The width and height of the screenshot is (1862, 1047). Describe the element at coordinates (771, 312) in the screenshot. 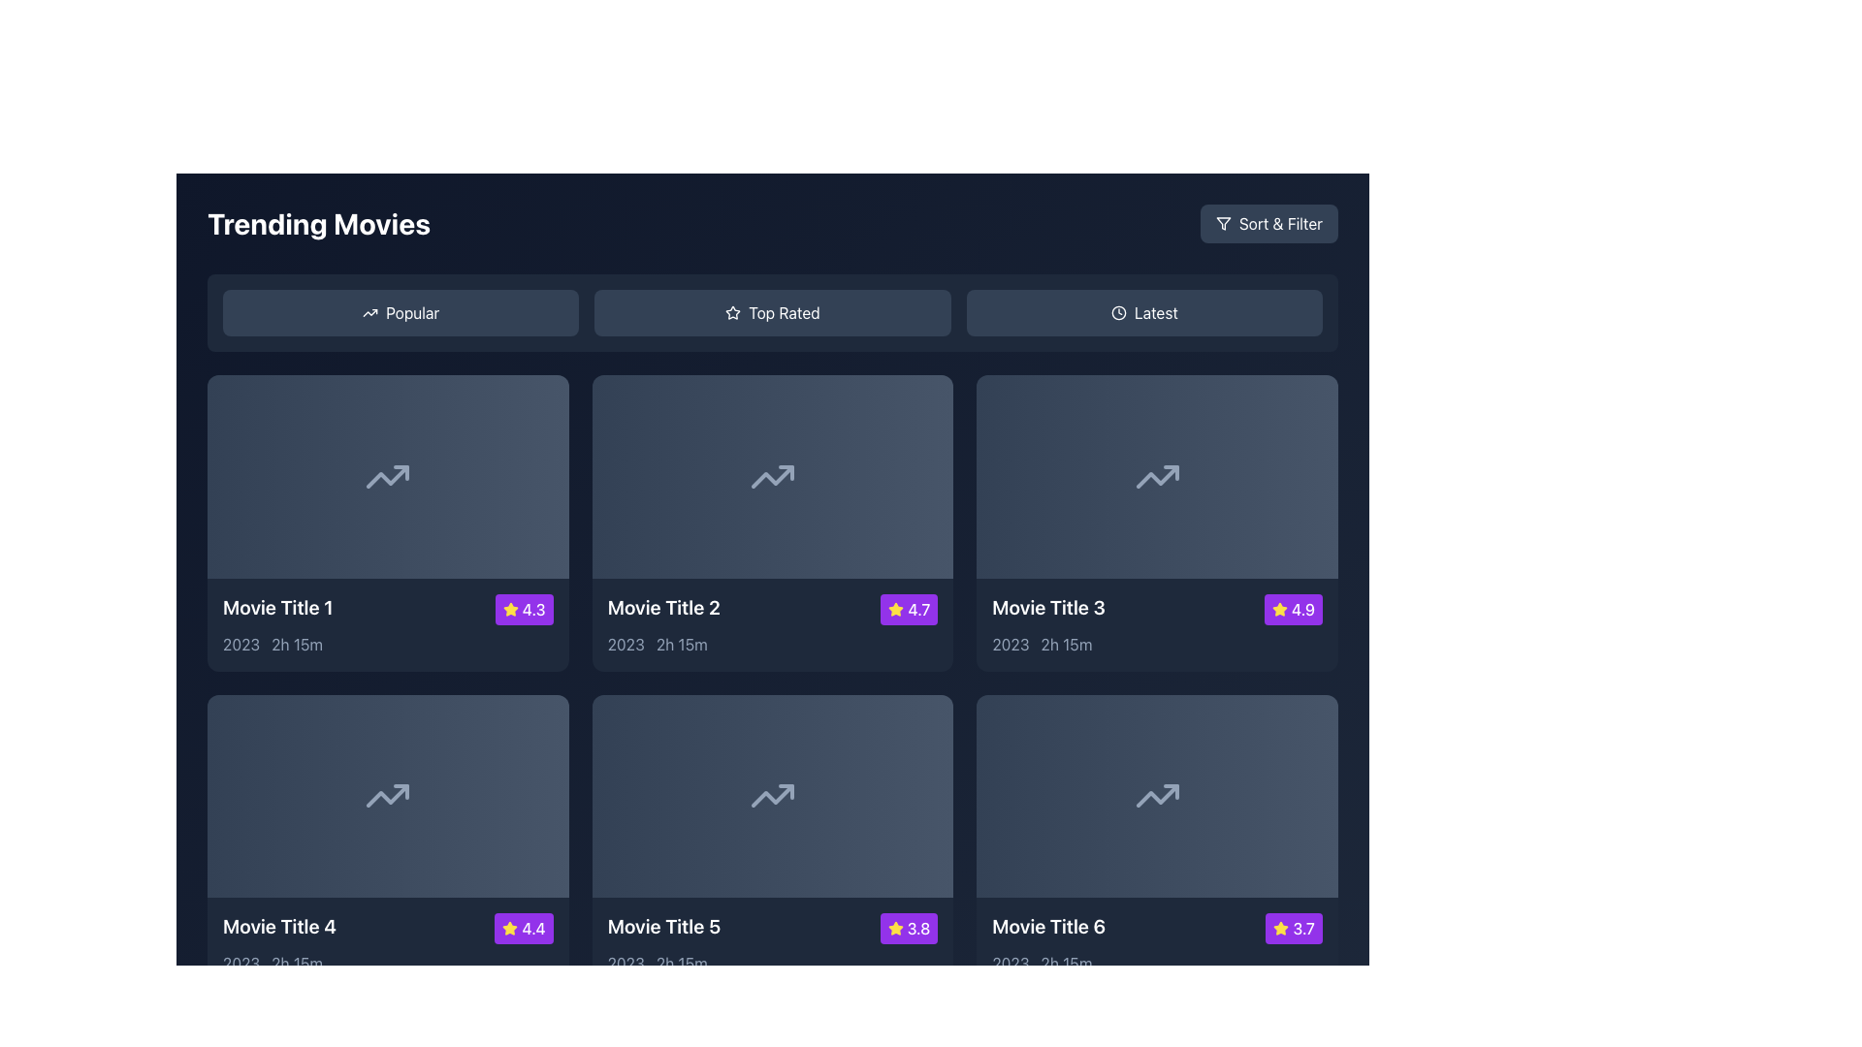

I see `the second button in the 'Trending Movies' section` at that location.